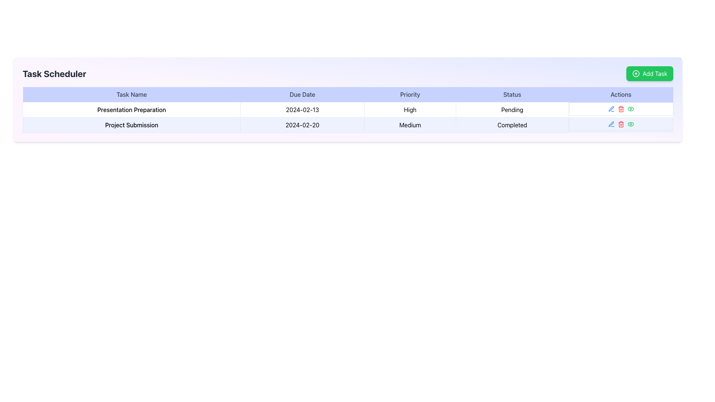  Describe the element at coordinates (621, 109) in the screenshot. I see `the red trash bin icon in the 'Actions' column of the task table` at that location.